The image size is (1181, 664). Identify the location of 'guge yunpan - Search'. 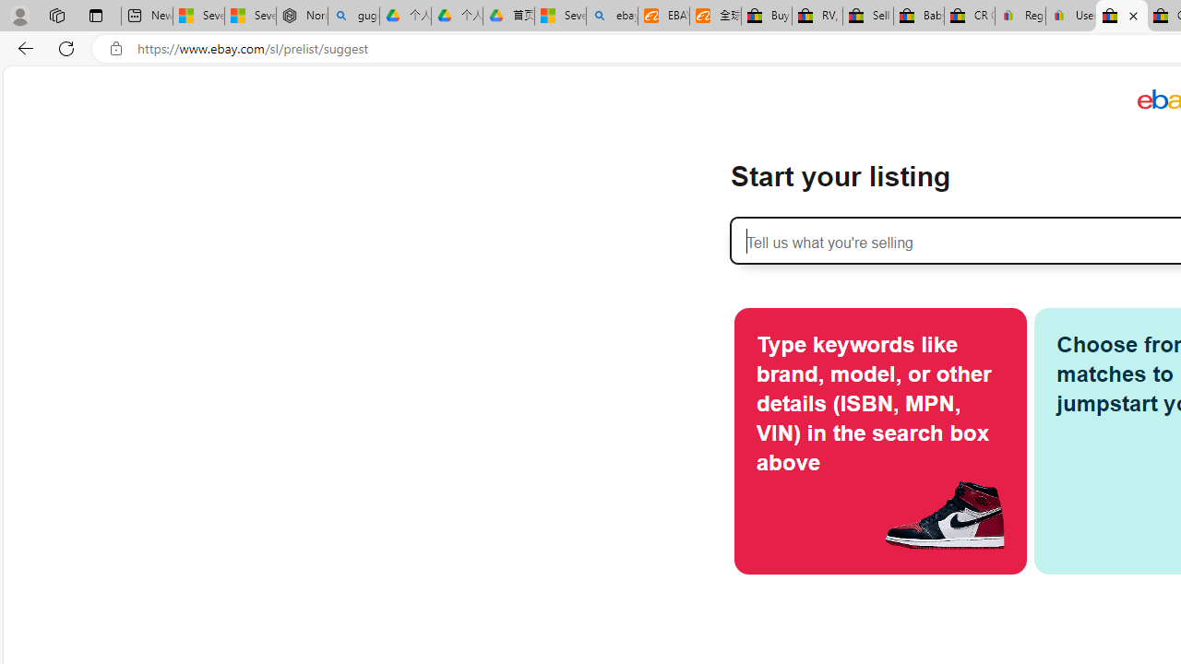
(353, 16).